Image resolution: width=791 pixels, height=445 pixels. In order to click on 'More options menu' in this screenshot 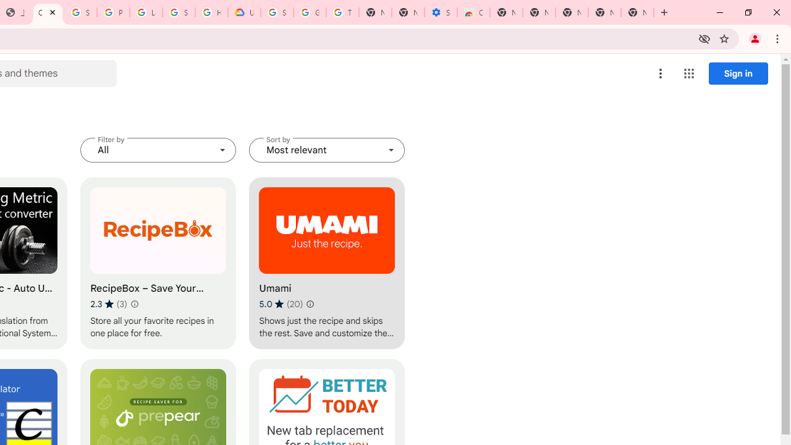, I will do `click(660, 74)`.